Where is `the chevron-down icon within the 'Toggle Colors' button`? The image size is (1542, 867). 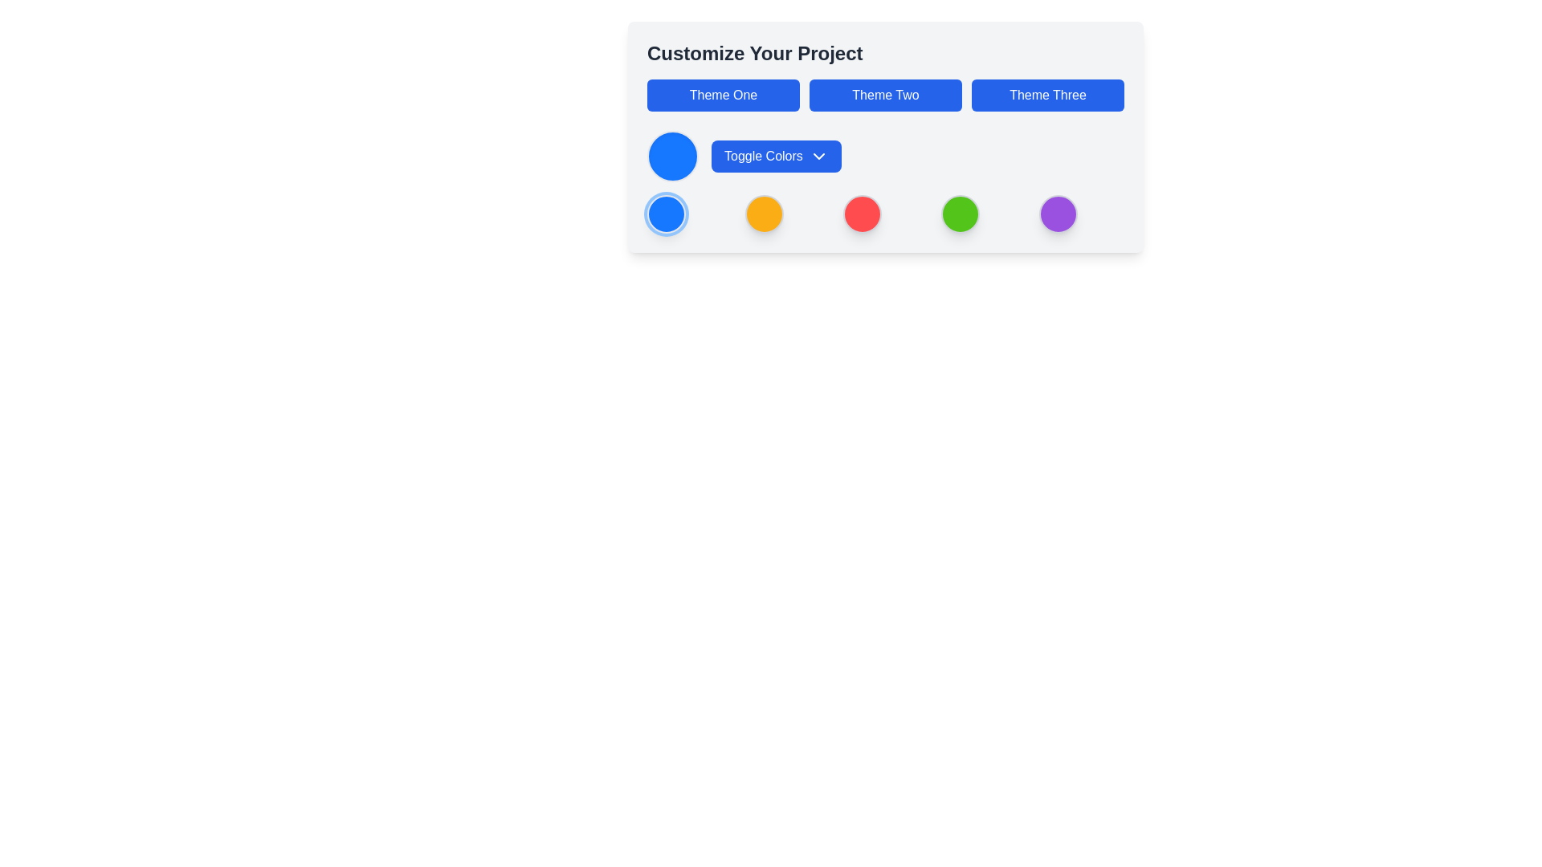 the chevron-down icon within the 'Toggle Colors' button is located at coordinates (819, 157).